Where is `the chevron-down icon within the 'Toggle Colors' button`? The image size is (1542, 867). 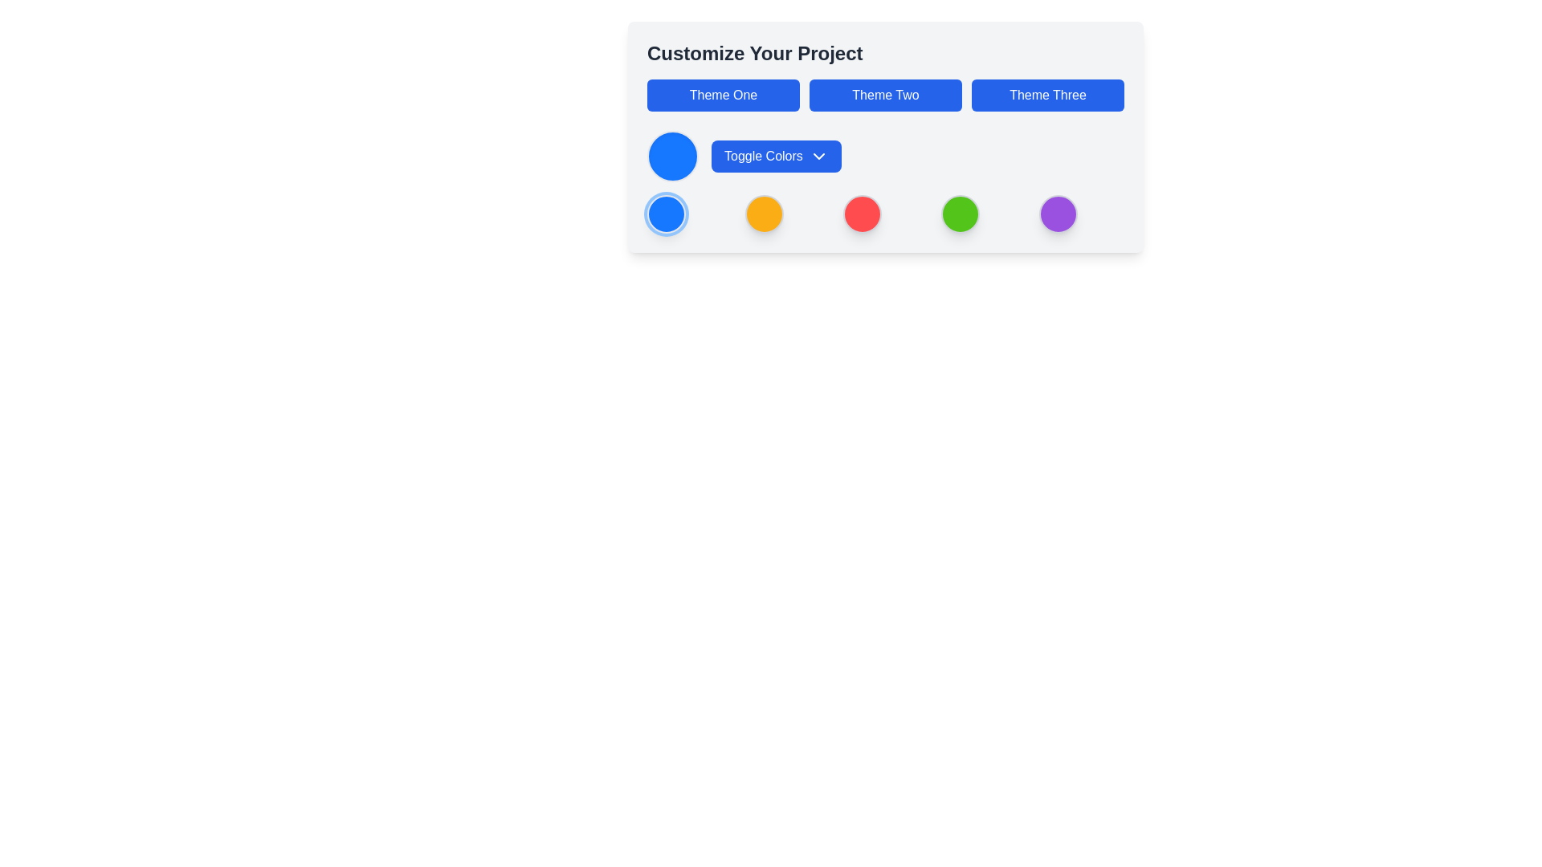 the chevron-down icon within the 'Toggle Colors' button is located at coordinates (819, 157).